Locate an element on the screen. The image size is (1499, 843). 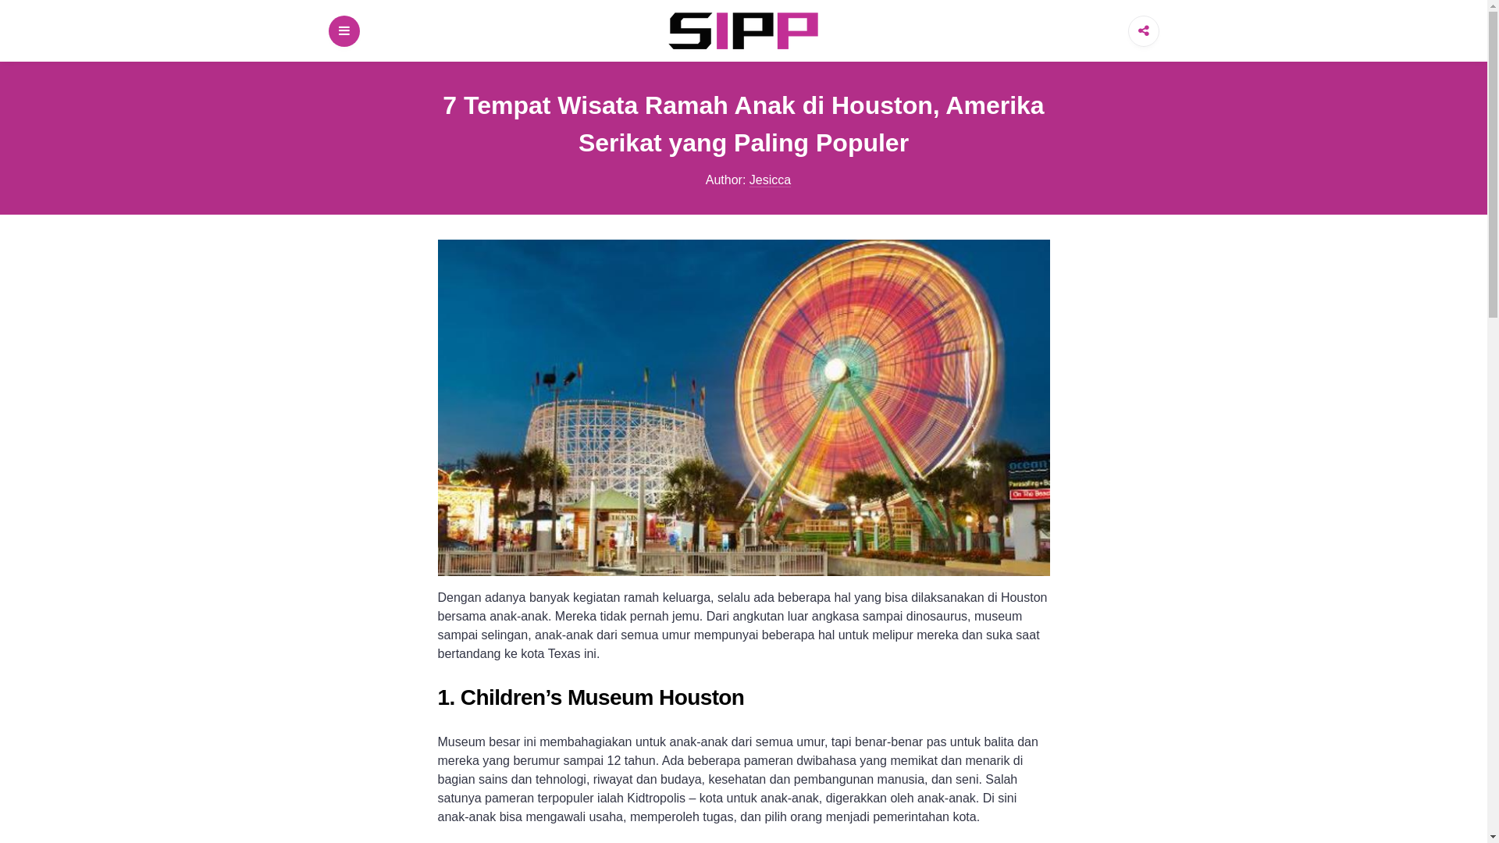
'Jesicca' is located at coordinates (749, 180).